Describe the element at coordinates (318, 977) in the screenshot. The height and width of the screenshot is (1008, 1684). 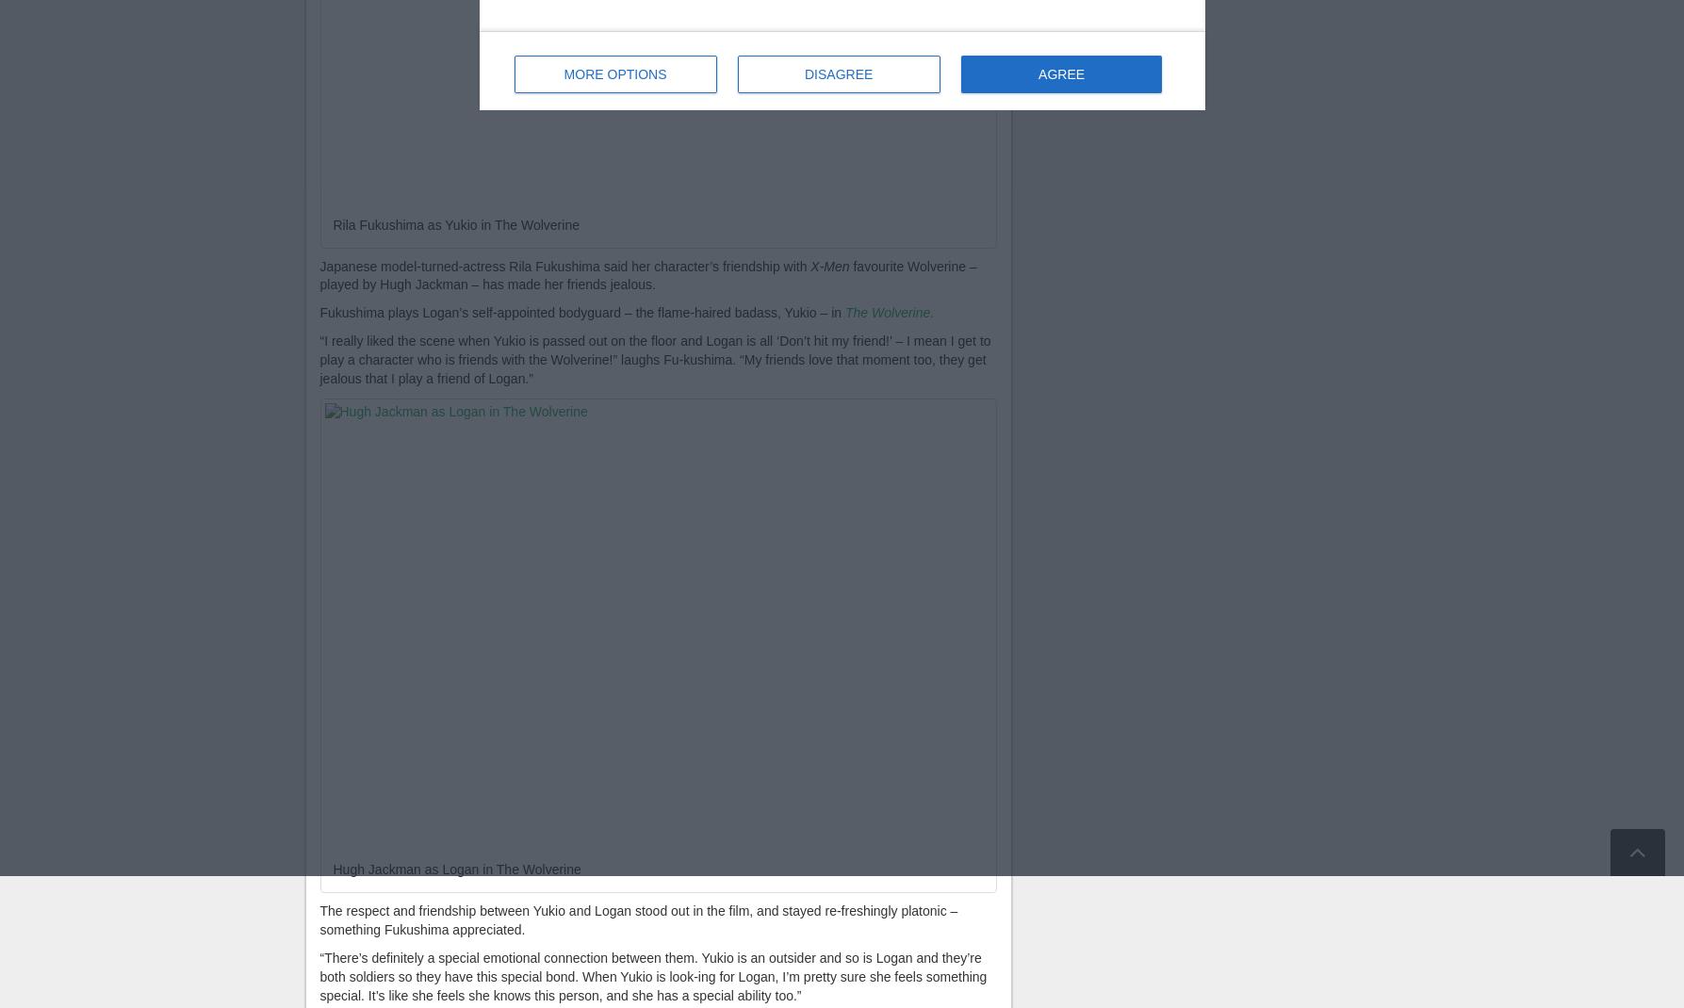
I see `'“There’s definitely a special emotional connection between them. Yukio is an outsider and so is Logan and they’re both soldiers so they have this special bond. When Yukio is look-ing for Logan, I’m pretty sure she feels something special. It’s like she feels she knows this person, and she has a special ability too.”'` at that location.